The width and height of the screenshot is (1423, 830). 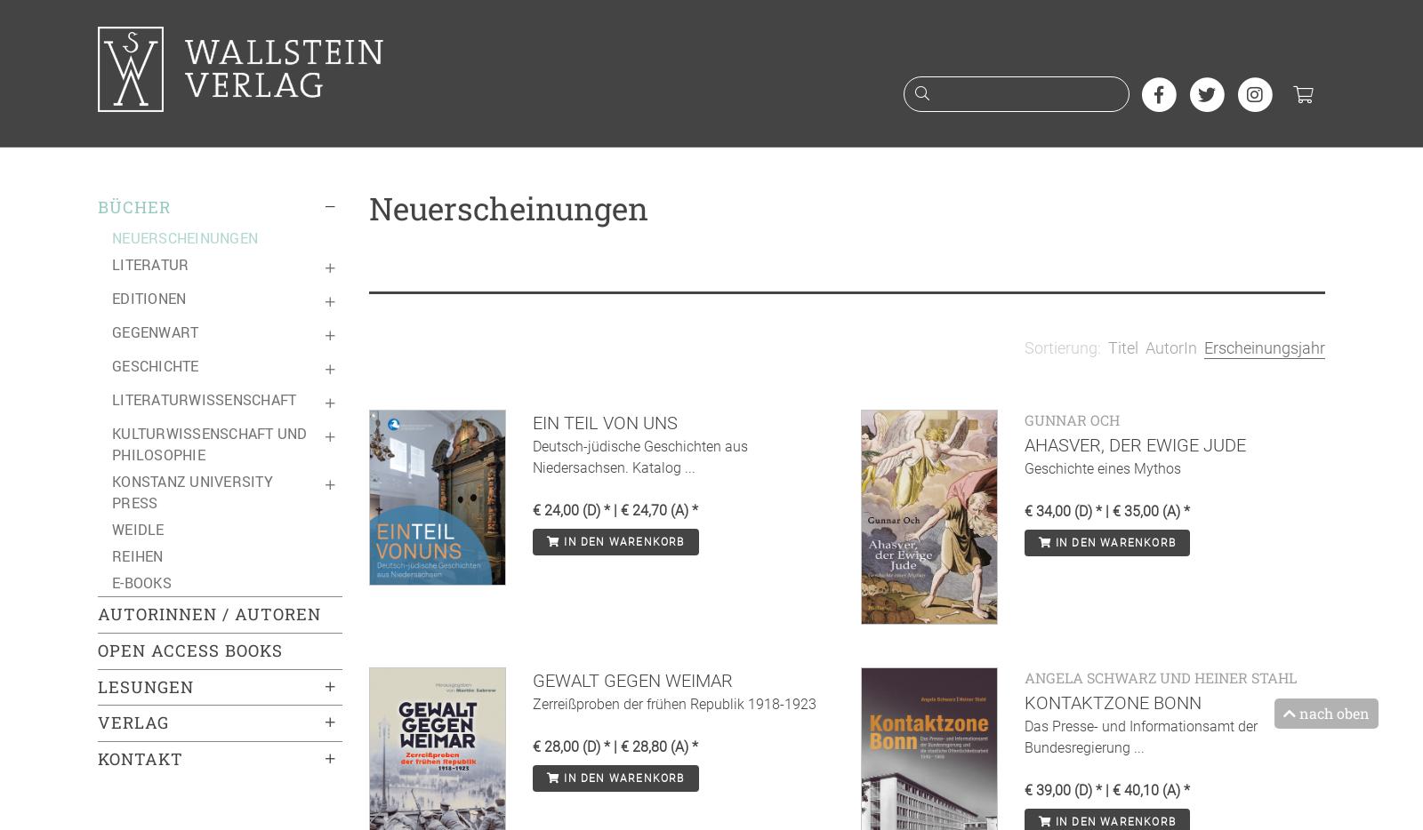 I want to click on 'Editionen', so click(x=148, y=298).